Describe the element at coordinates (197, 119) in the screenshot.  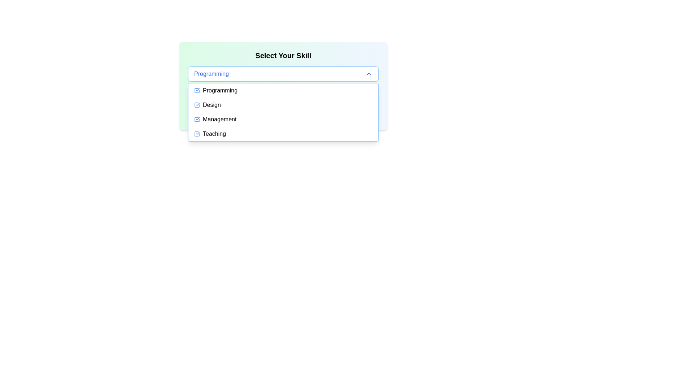
I see `the 'Management' dropdown menu item by clicking the checkbox icon located to the left of the text 'Management'` at that location.